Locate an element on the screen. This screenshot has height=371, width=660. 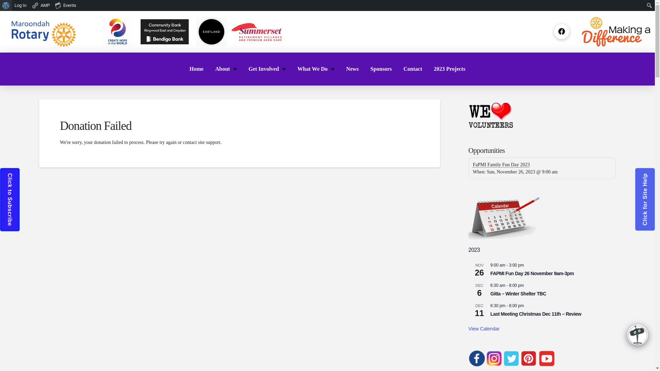
'Events' is located at coordinates (66, 5).